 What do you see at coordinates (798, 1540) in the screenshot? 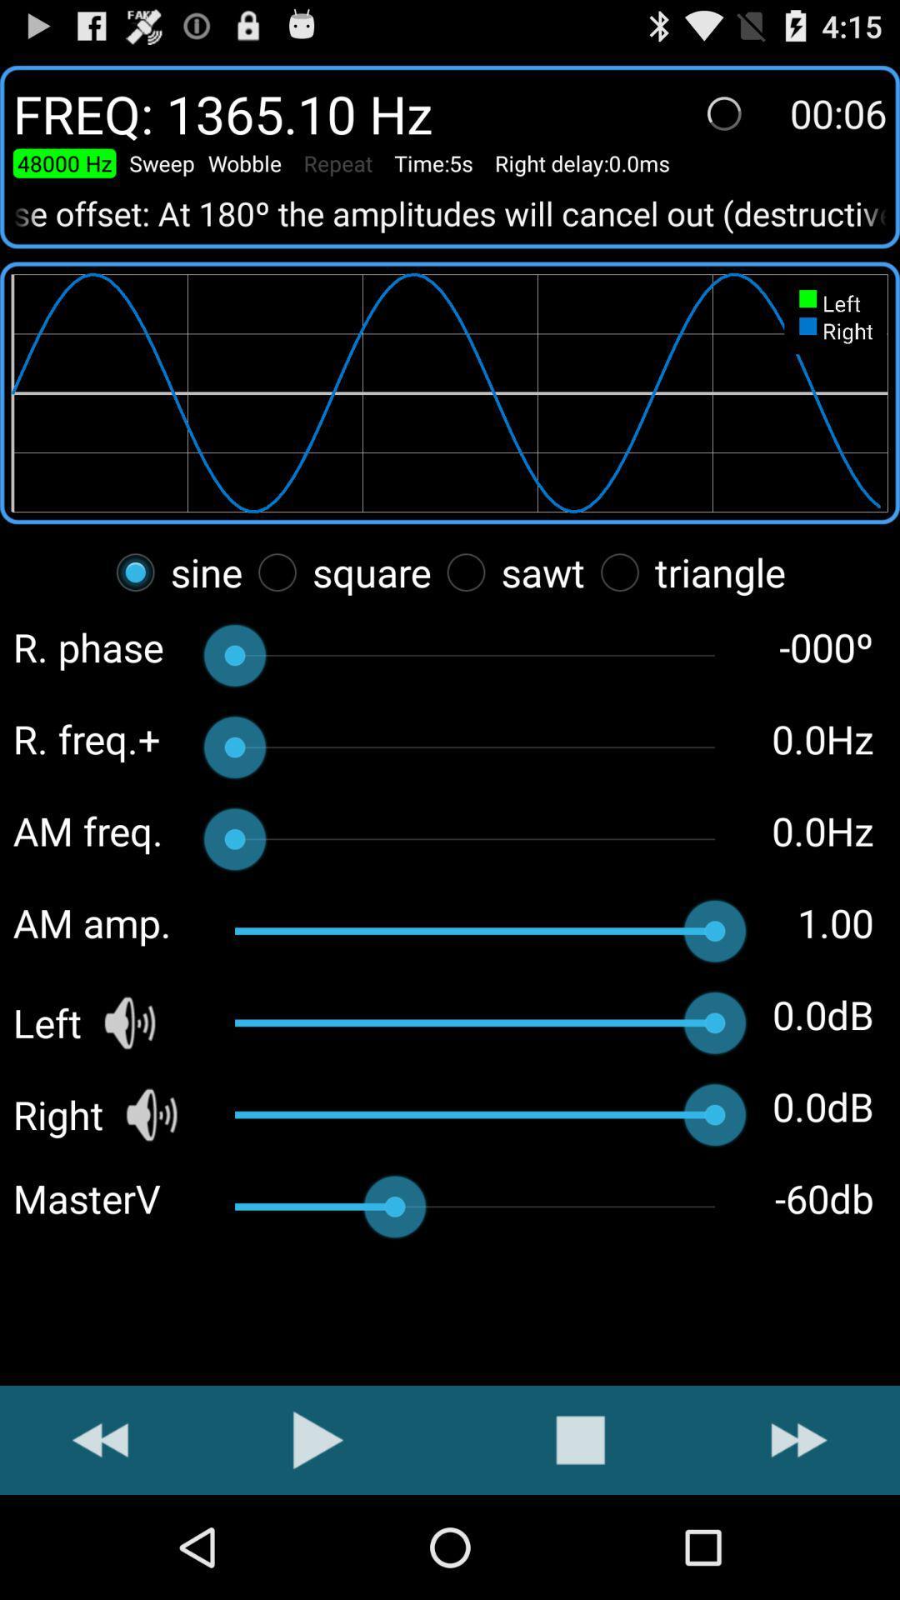
I see `the av_forward icon` at bounding box center [798, 1540].